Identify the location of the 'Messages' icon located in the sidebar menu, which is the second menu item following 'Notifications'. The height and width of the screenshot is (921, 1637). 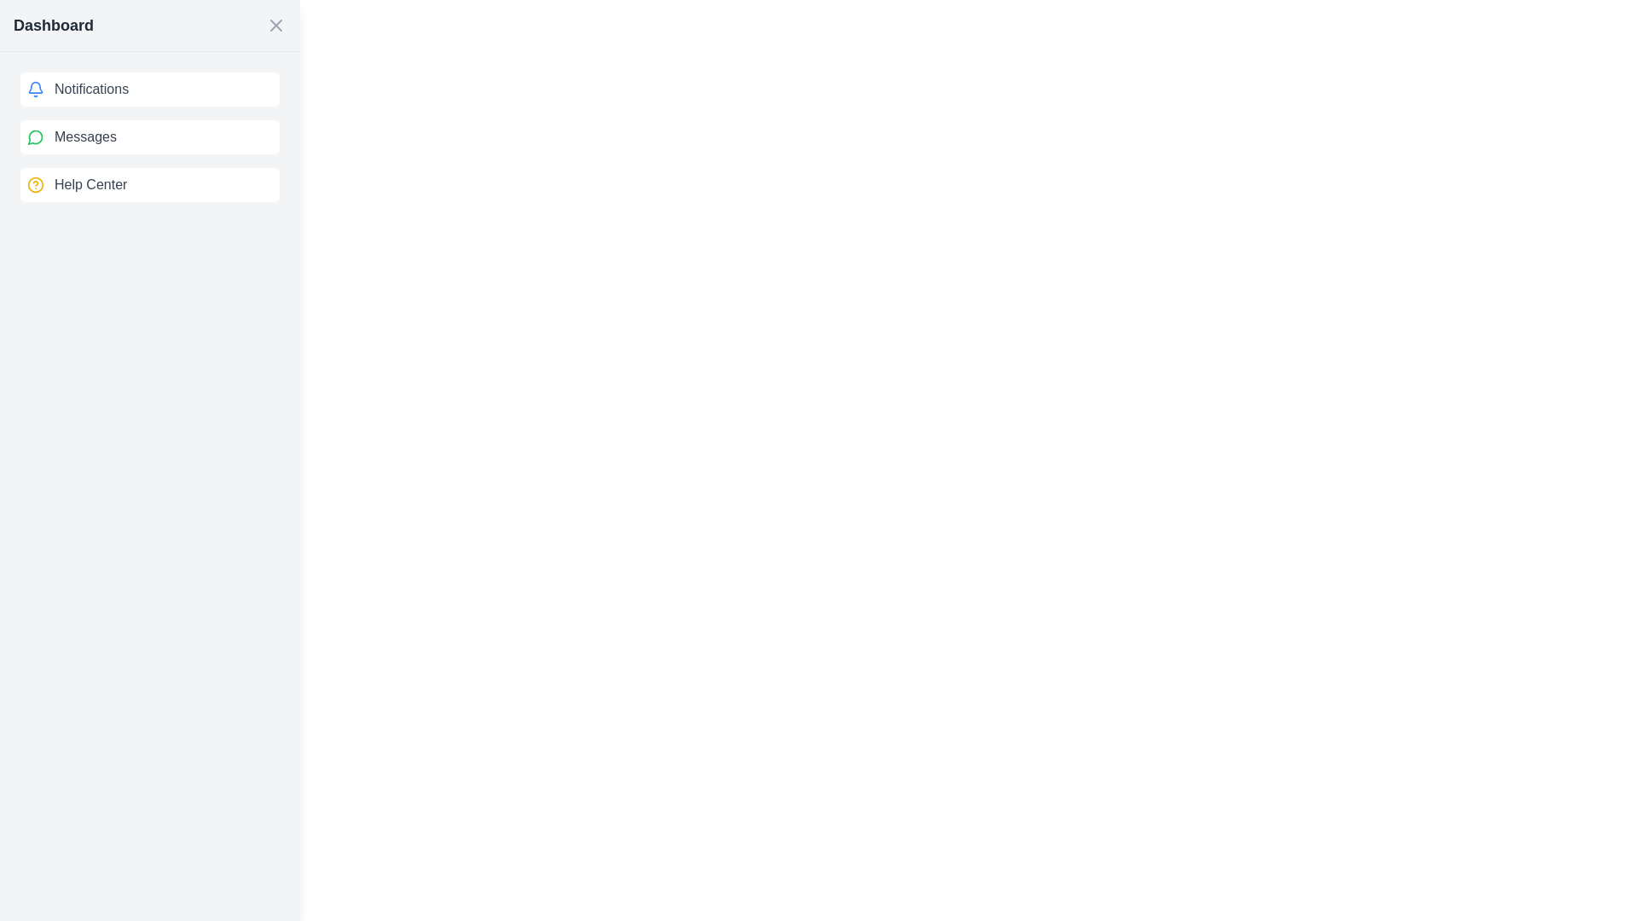
(35, 136).